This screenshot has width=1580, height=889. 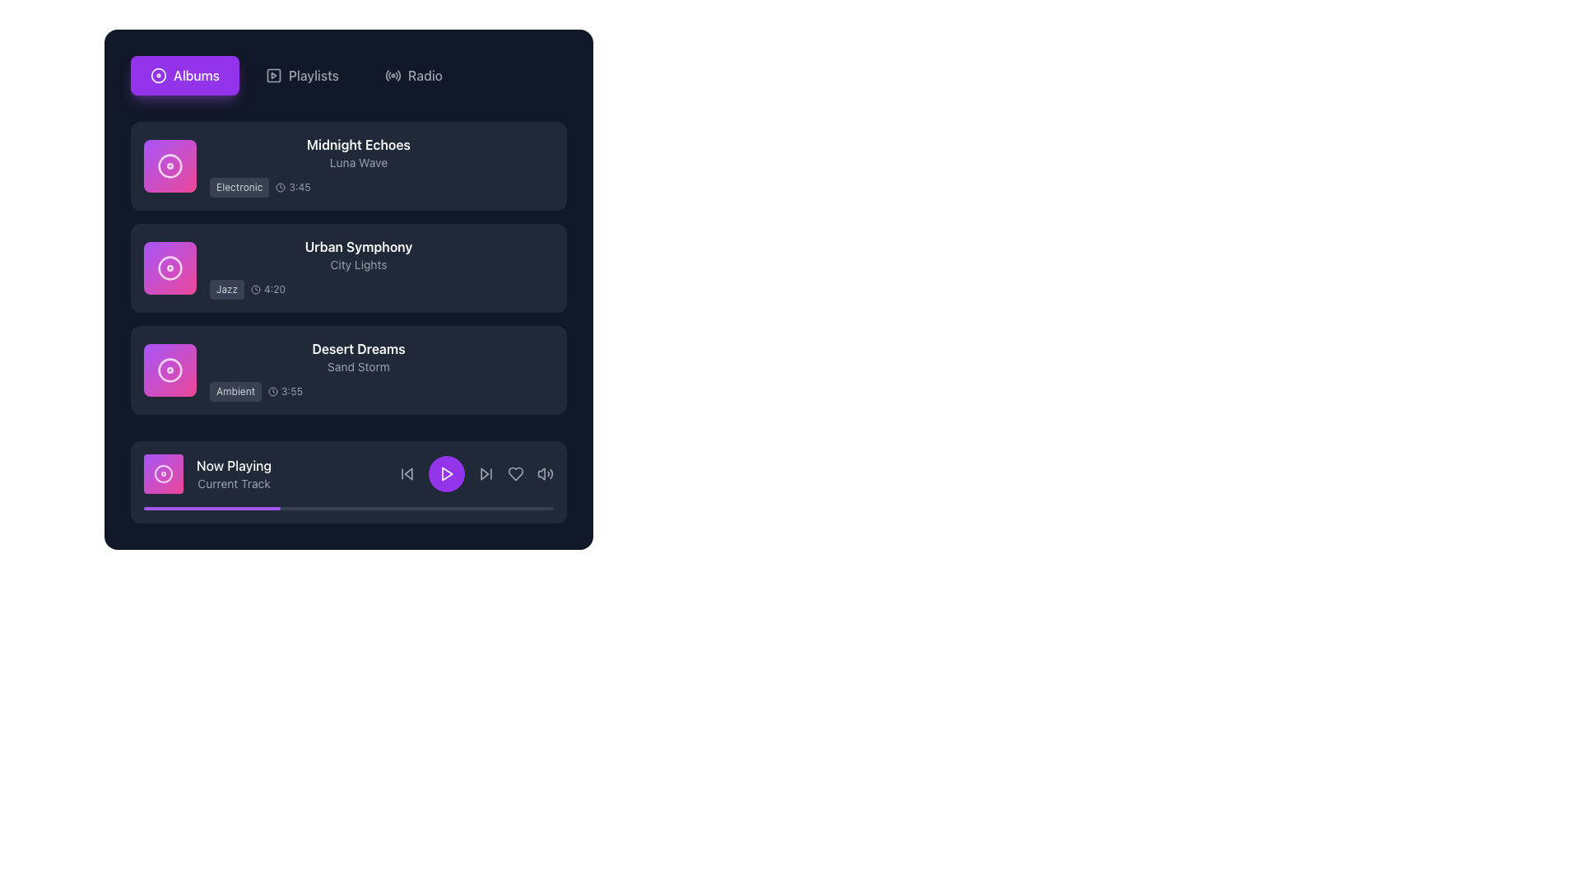 What do you see at coordinates (158, 76) in the screenshot?
I see `the Decorative Icon, a circular purple icon with a white stroke next to the 'Albums' text in a rounded rectangular button` at bounding box center [158, 76].